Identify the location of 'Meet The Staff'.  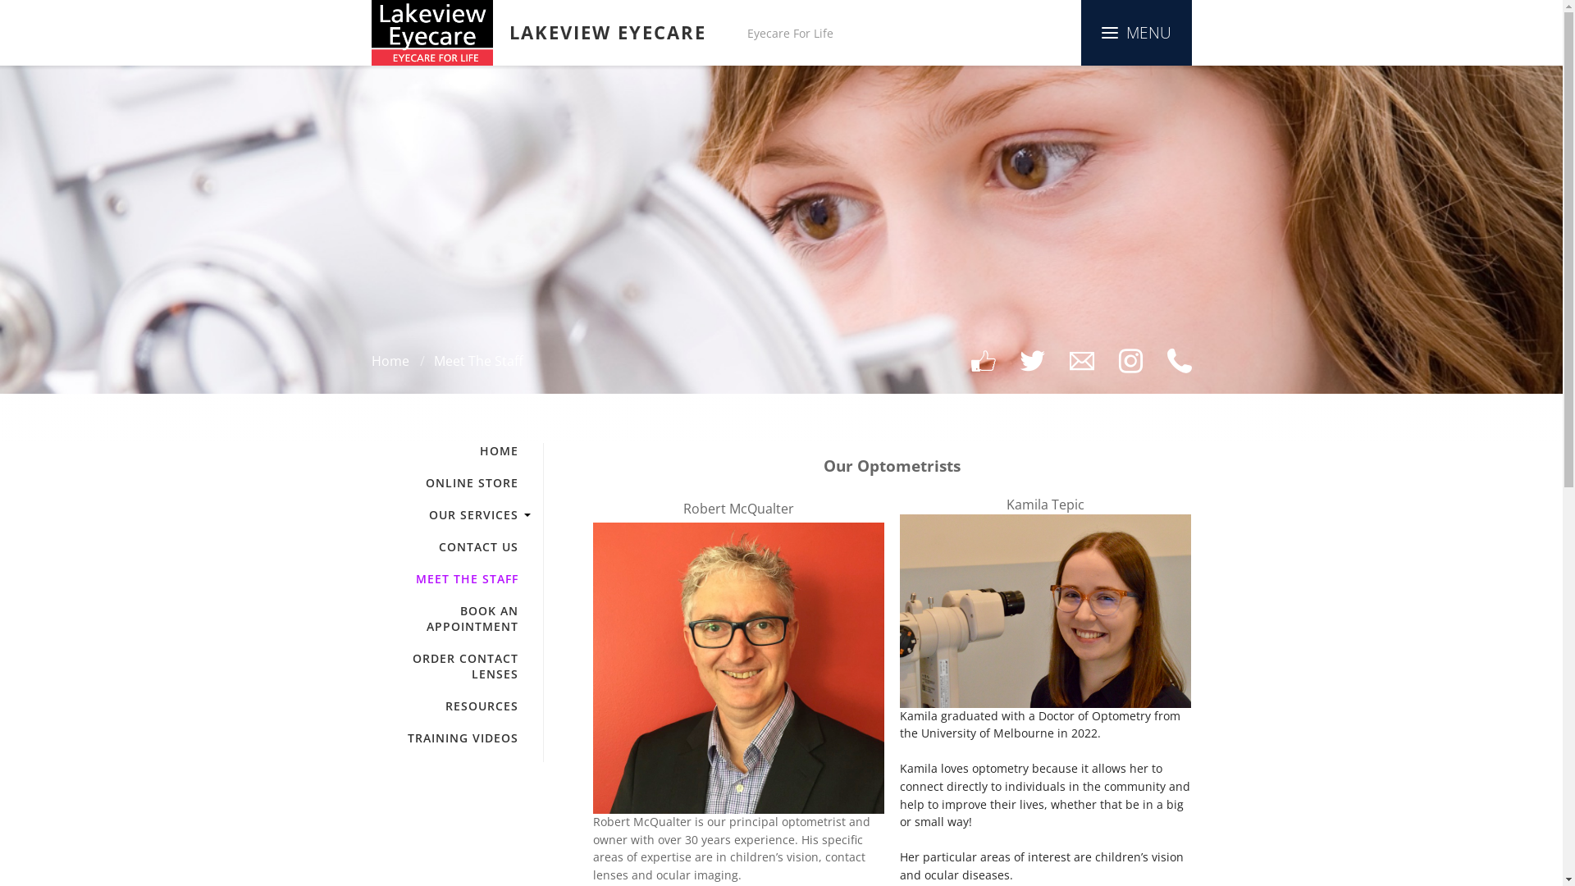
(477, 359).